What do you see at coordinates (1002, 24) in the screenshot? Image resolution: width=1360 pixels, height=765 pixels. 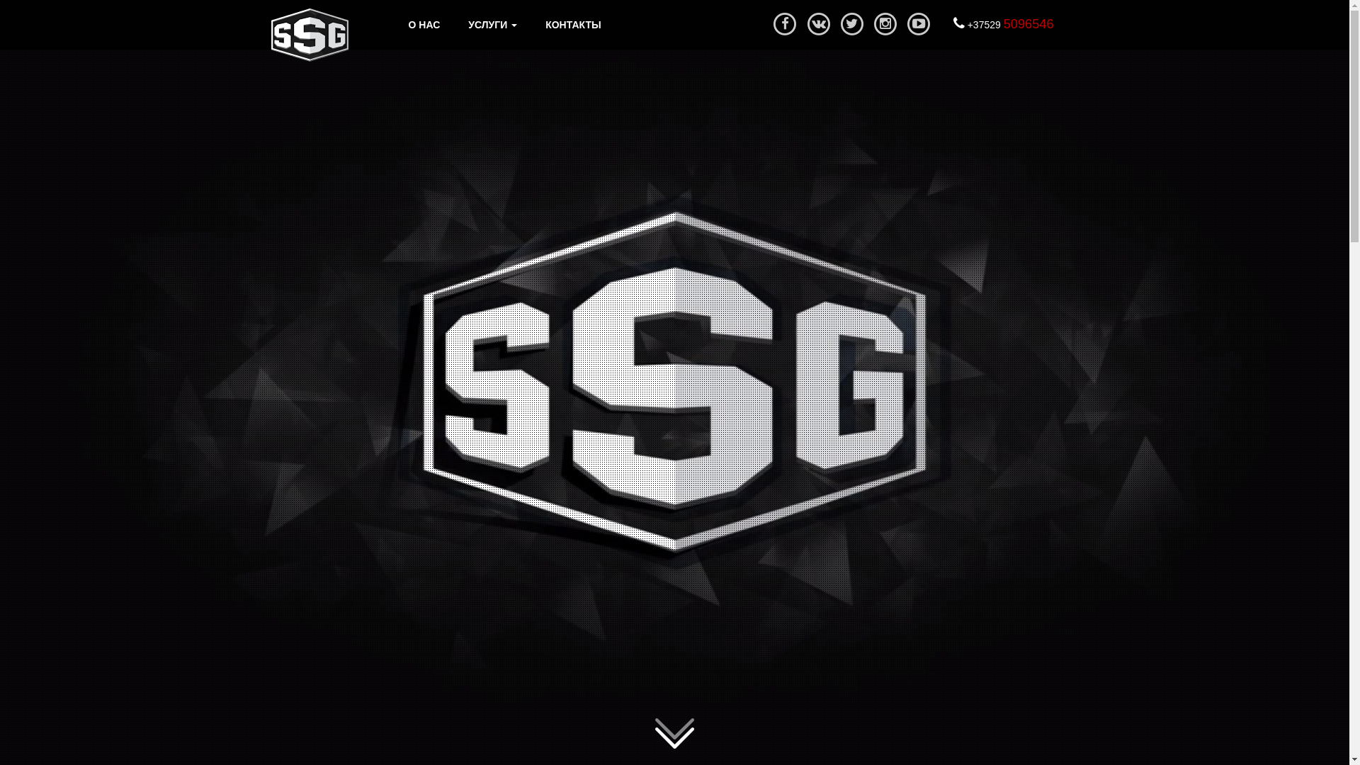 I see `'+37529 5096546'` at bounding box center [1002, 24].